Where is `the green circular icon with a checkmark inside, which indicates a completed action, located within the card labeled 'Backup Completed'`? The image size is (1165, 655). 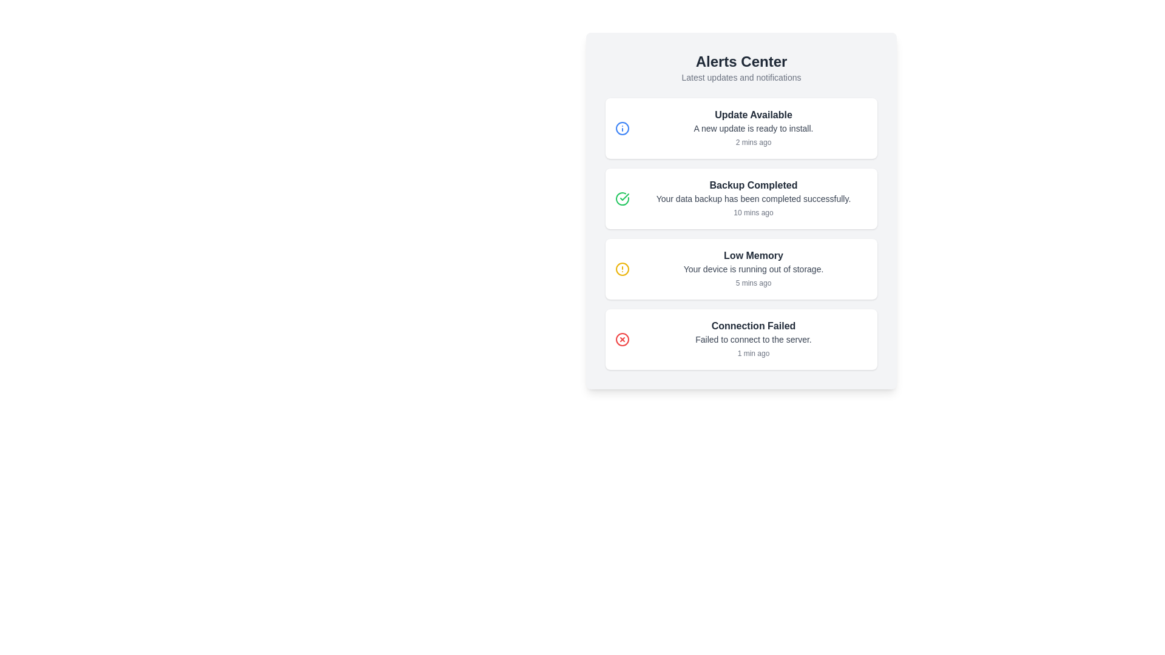
the green circular icon with a checkmark inside, which indicates a completed action, located within the card labeled 'Backup Completed' is located at coordinates (623, 198).